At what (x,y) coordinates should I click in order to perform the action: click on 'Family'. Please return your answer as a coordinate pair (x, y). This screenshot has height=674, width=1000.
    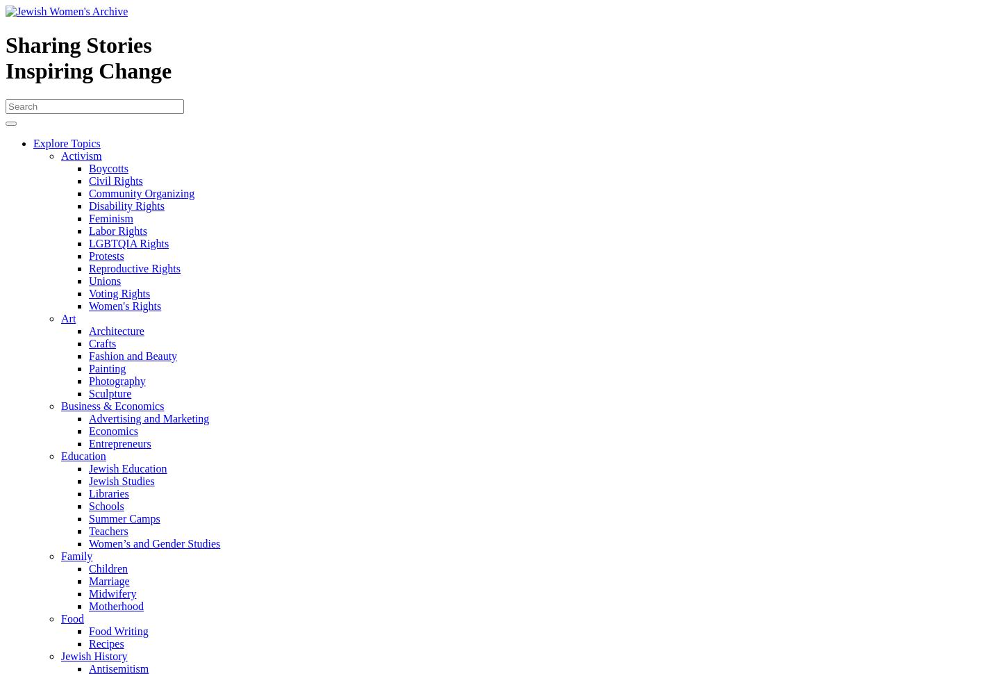
    Looking at the image, I should click on (76, 555).